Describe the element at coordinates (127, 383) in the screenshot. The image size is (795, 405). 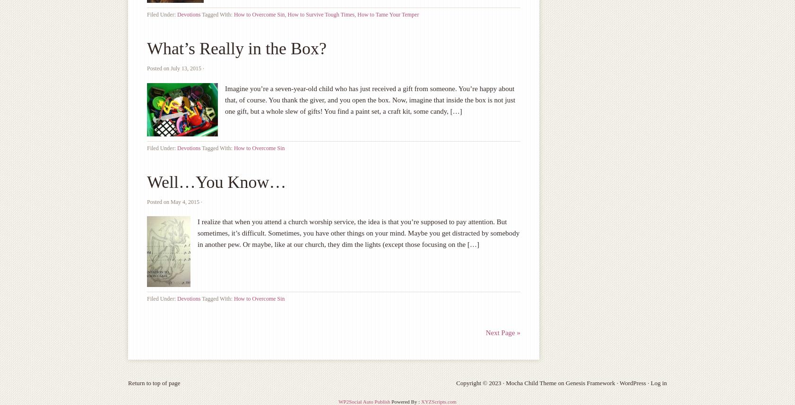
I see `'Return to top of page'` at that location.